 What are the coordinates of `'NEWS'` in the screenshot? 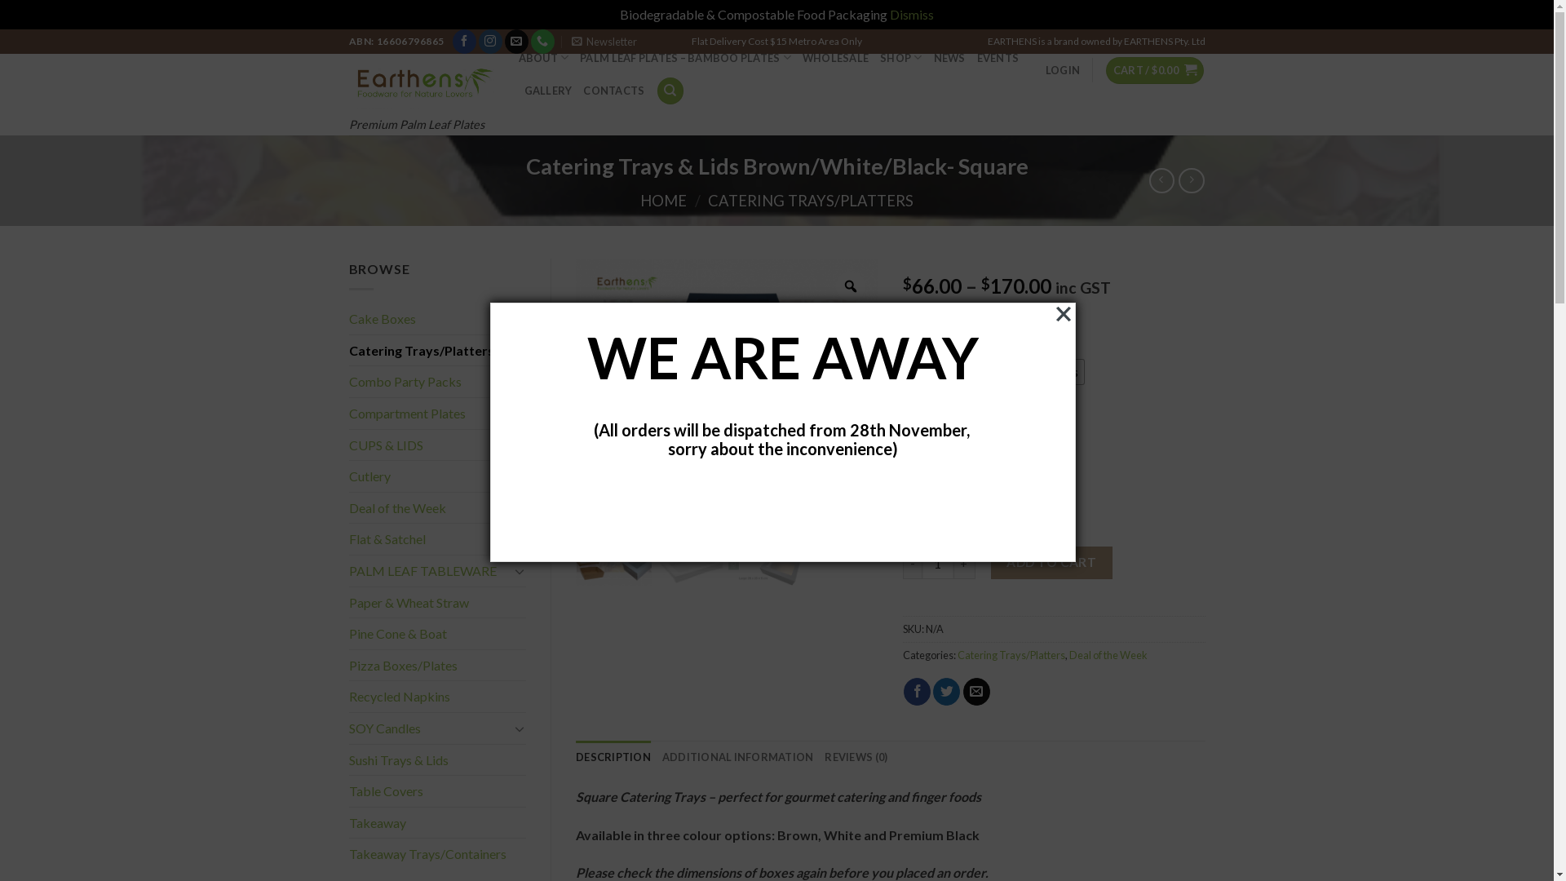 It's located at (949, 56).